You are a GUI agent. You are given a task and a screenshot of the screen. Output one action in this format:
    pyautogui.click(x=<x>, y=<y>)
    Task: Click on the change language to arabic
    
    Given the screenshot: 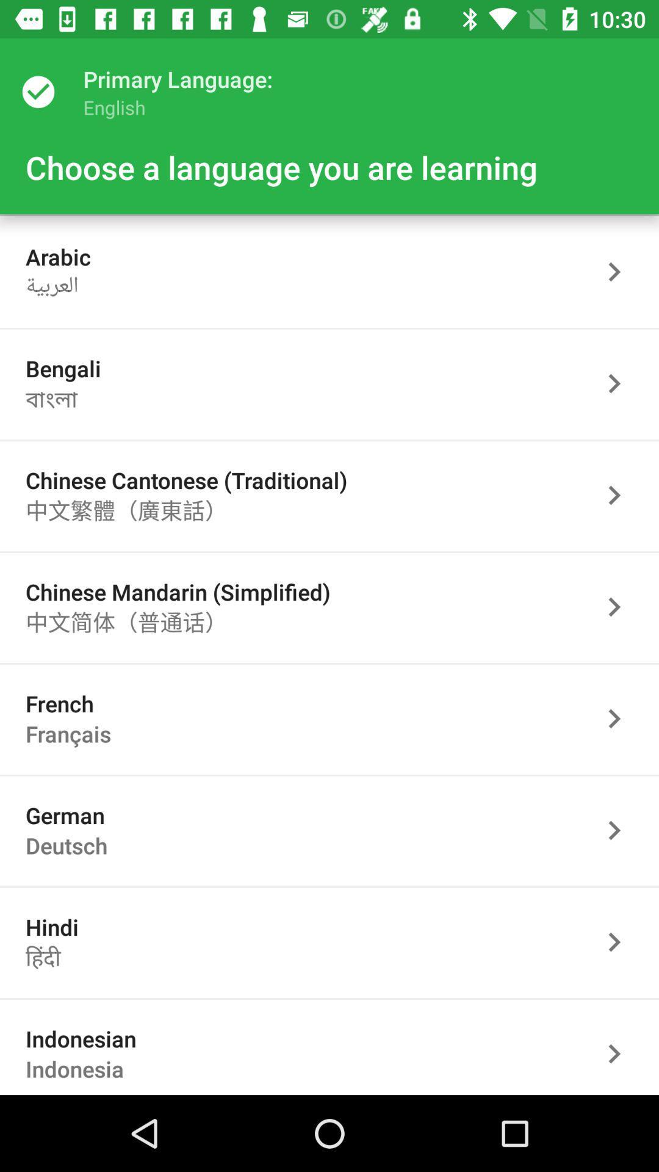 What is the action you would take?
    pyautogui.click(x=621, y=271)
    